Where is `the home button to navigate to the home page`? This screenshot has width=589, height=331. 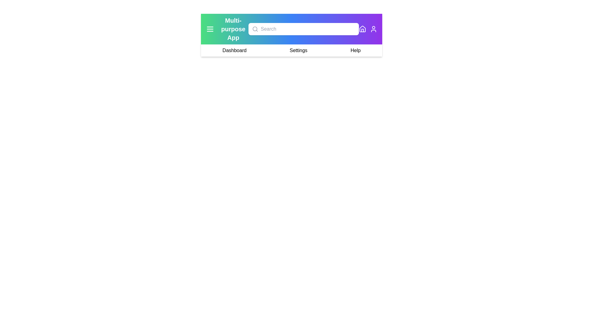
the home button to navigate to the home page is located at coordinates (362, 29).